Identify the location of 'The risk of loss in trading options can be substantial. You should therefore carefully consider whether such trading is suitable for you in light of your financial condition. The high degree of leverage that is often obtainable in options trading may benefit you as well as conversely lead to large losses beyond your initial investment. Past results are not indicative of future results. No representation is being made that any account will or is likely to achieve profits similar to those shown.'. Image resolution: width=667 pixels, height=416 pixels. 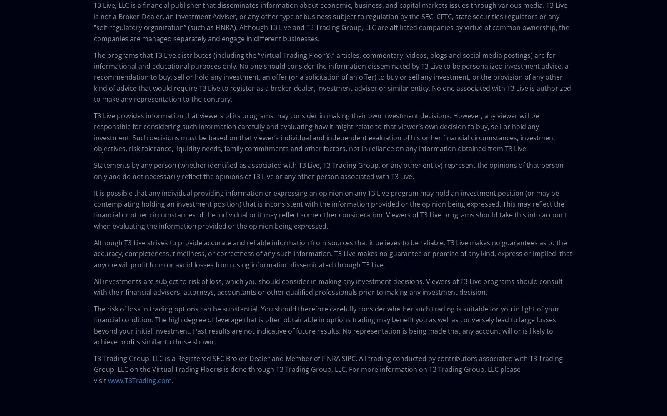
(326, 325).